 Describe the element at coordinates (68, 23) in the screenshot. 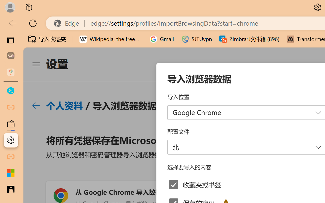

I see `'Edge'` at that location.